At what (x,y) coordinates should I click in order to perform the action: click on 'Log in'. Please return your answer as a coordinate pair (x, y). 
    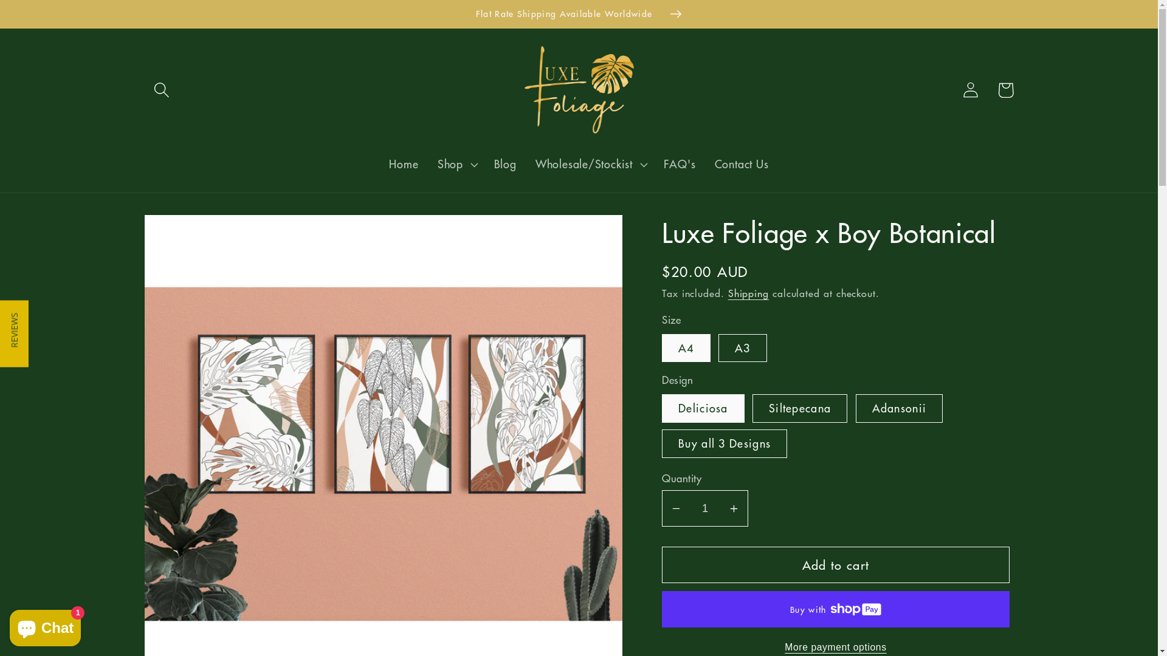
    Looking at the image, I should click on (970, 89).